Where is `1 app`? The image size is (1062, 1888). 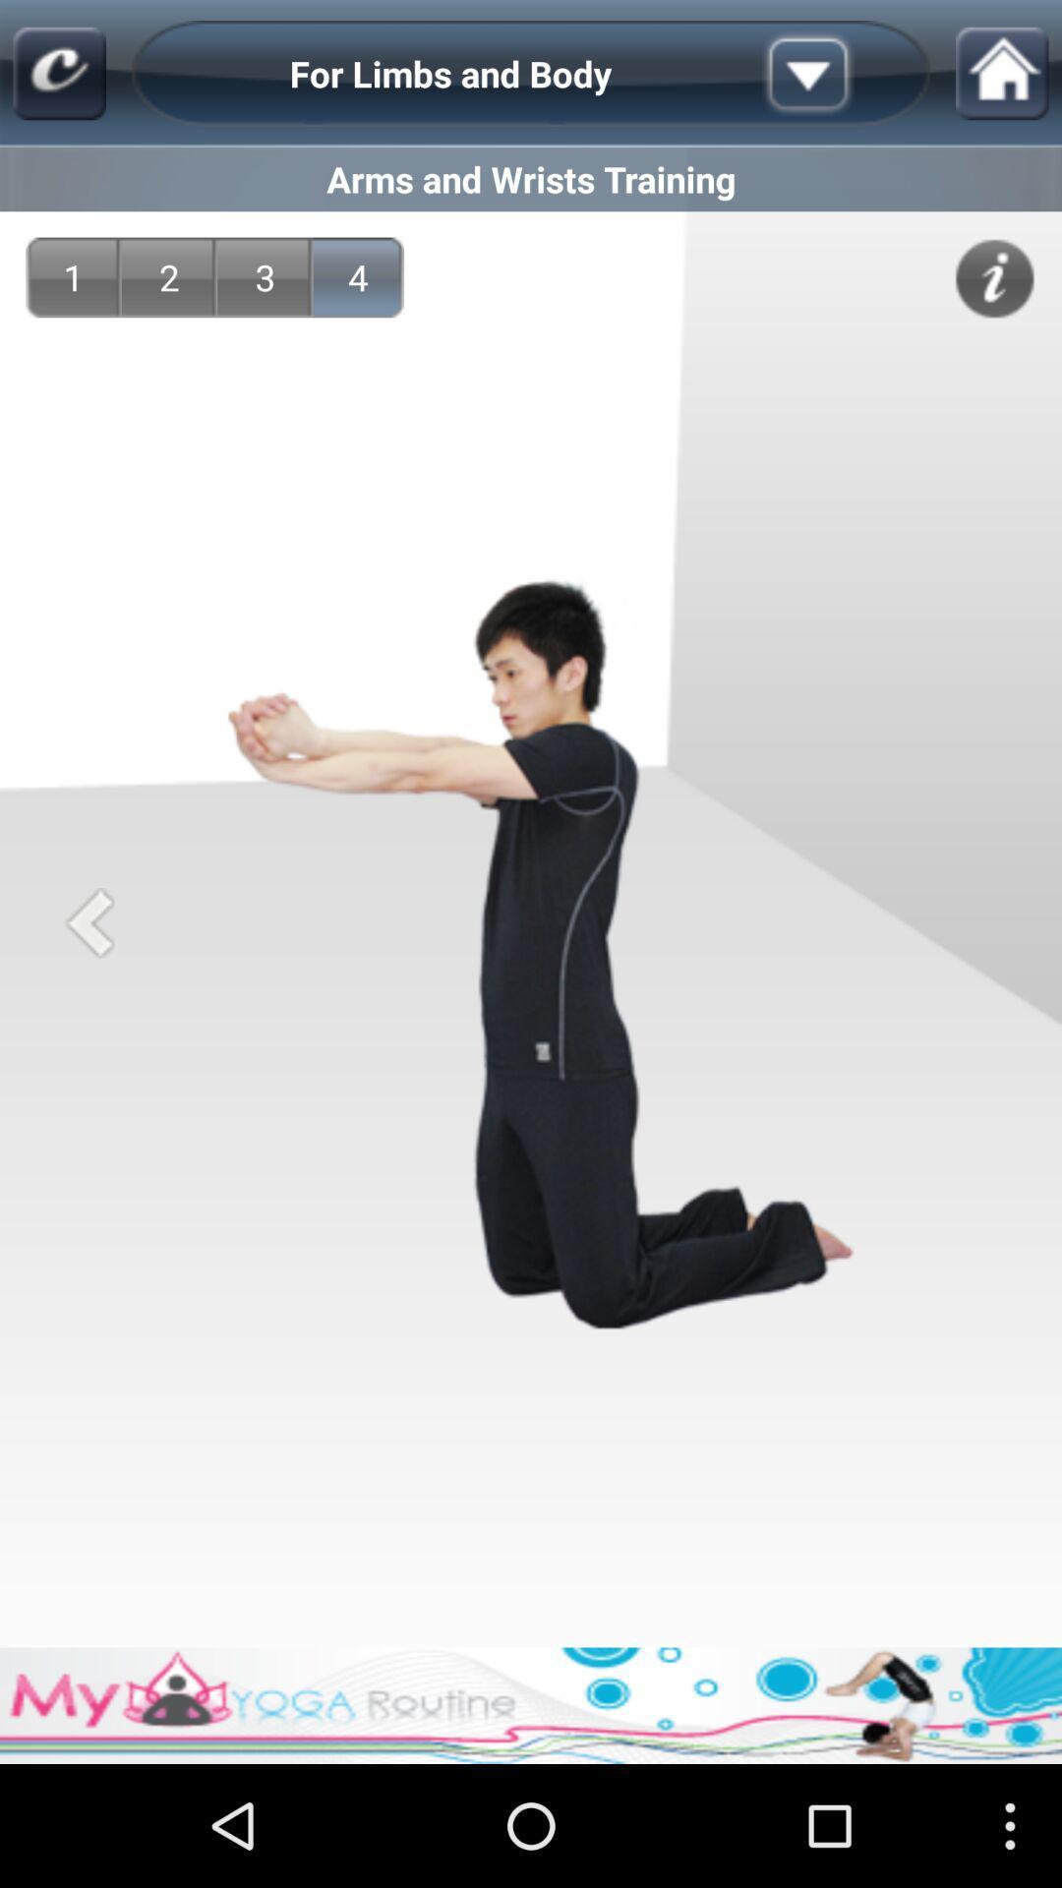 1 app is located at coordinates (72, 276).